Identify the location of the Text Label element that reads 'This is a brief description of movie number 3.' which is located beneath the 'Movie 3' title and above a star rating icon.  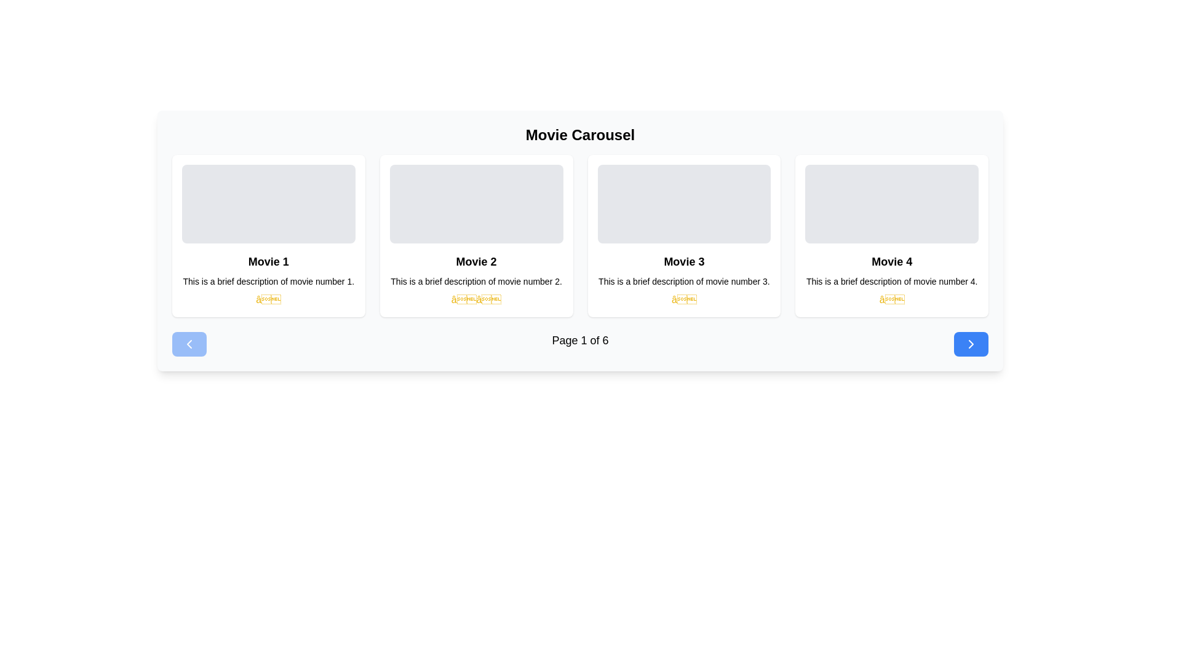
(683, 282).